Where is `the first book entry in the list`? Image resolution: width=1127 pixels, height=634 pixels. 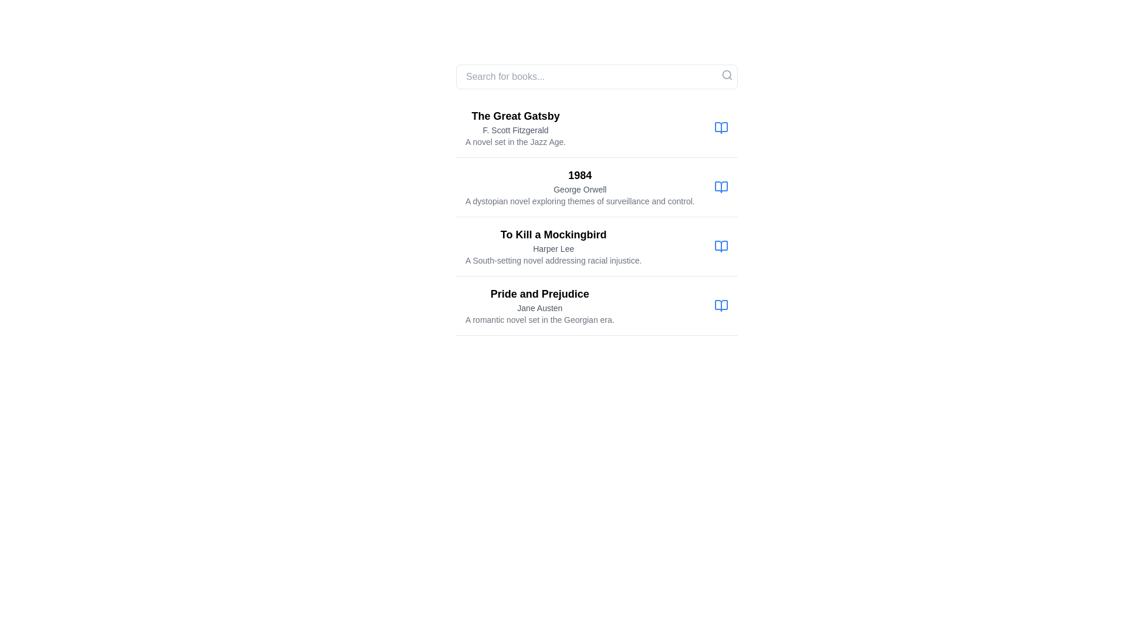 the first book entry in the list is located at coordinates (597, 217).